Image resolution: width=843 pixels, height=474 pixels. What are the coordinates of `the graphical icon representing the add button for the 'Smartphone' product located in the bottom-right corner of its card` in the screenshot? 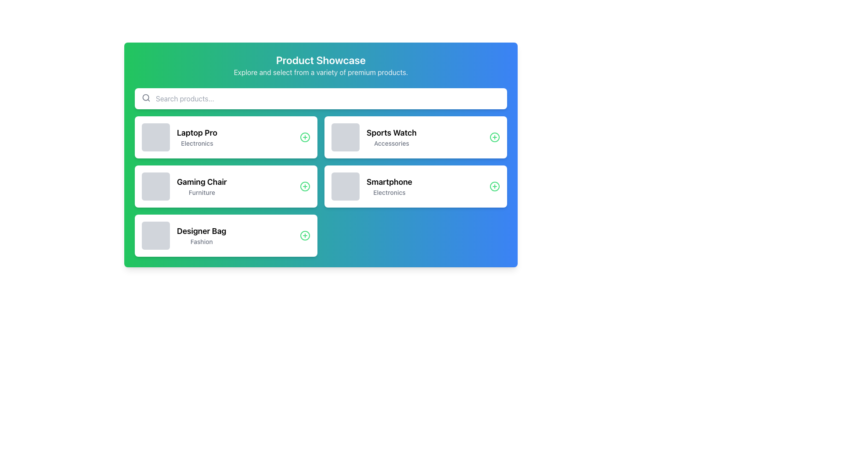 It's located at (495, 186).